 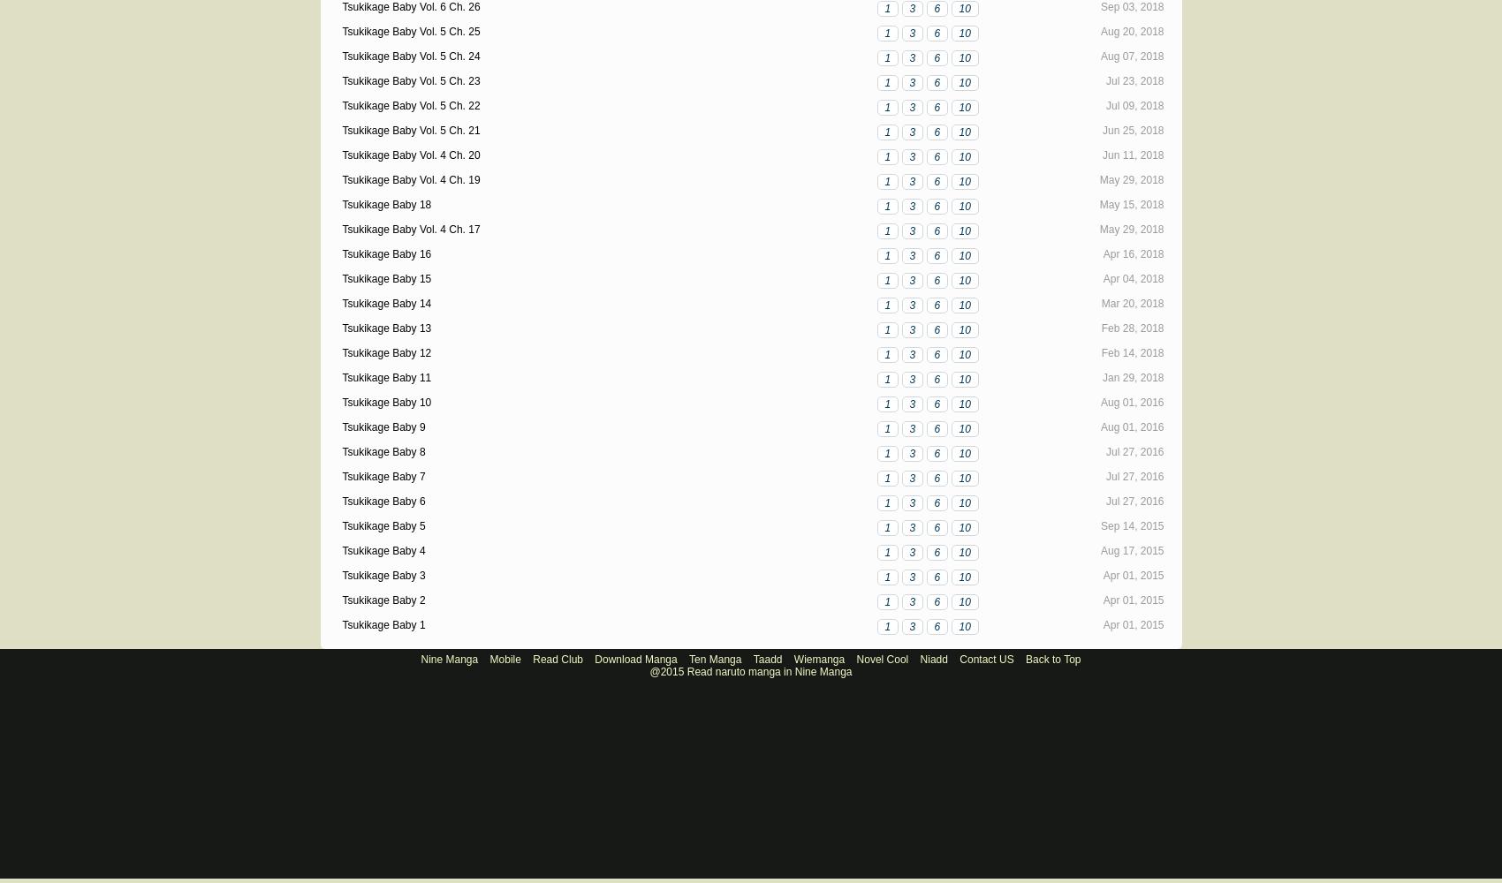 I want to click on 'Ten Manga', so click(x=714, y=659).